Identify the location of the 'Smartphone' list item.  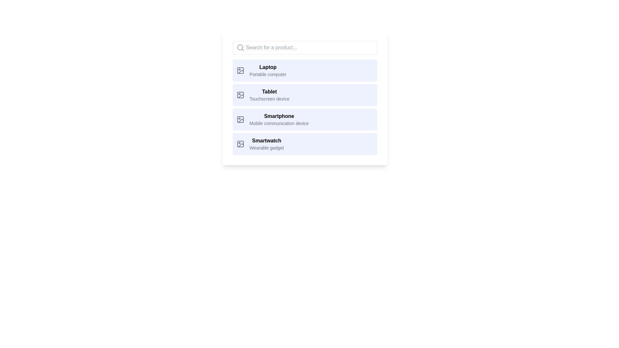
(304, 119).